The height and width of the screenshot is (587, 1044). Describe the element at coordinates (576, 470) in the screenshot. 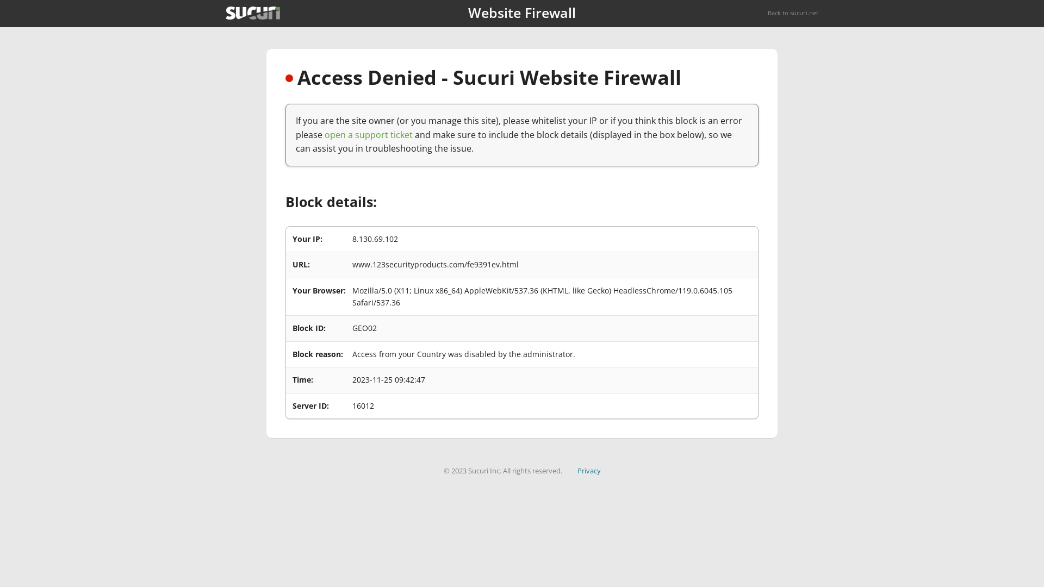

I see `'Privacy'` at that location.